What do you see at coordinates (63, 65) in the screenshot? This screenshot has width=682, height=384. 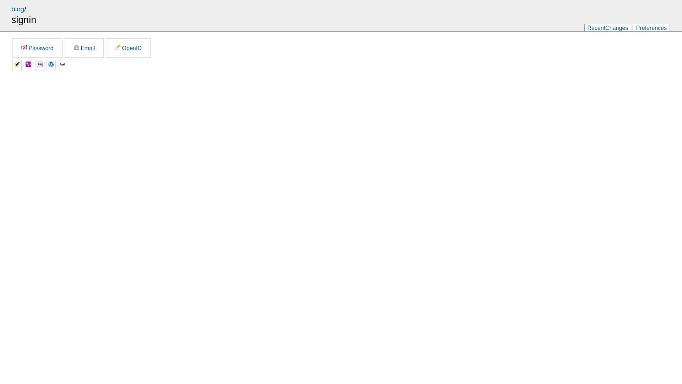 I see `'AOL'` at bounding box center [63, 65].